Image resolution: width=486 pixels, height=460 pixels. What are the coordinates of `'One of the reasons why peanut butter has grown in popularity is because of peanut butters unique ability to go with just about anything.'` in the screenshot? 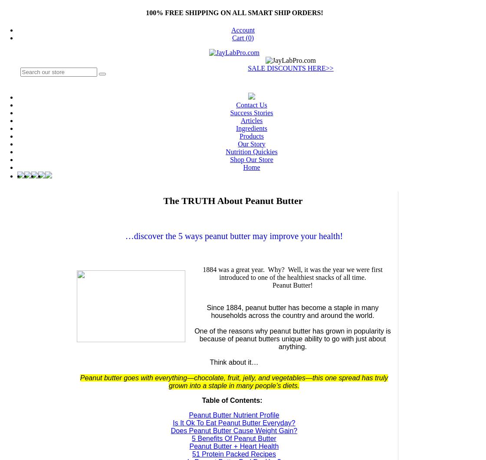 It's located at (292, 339).